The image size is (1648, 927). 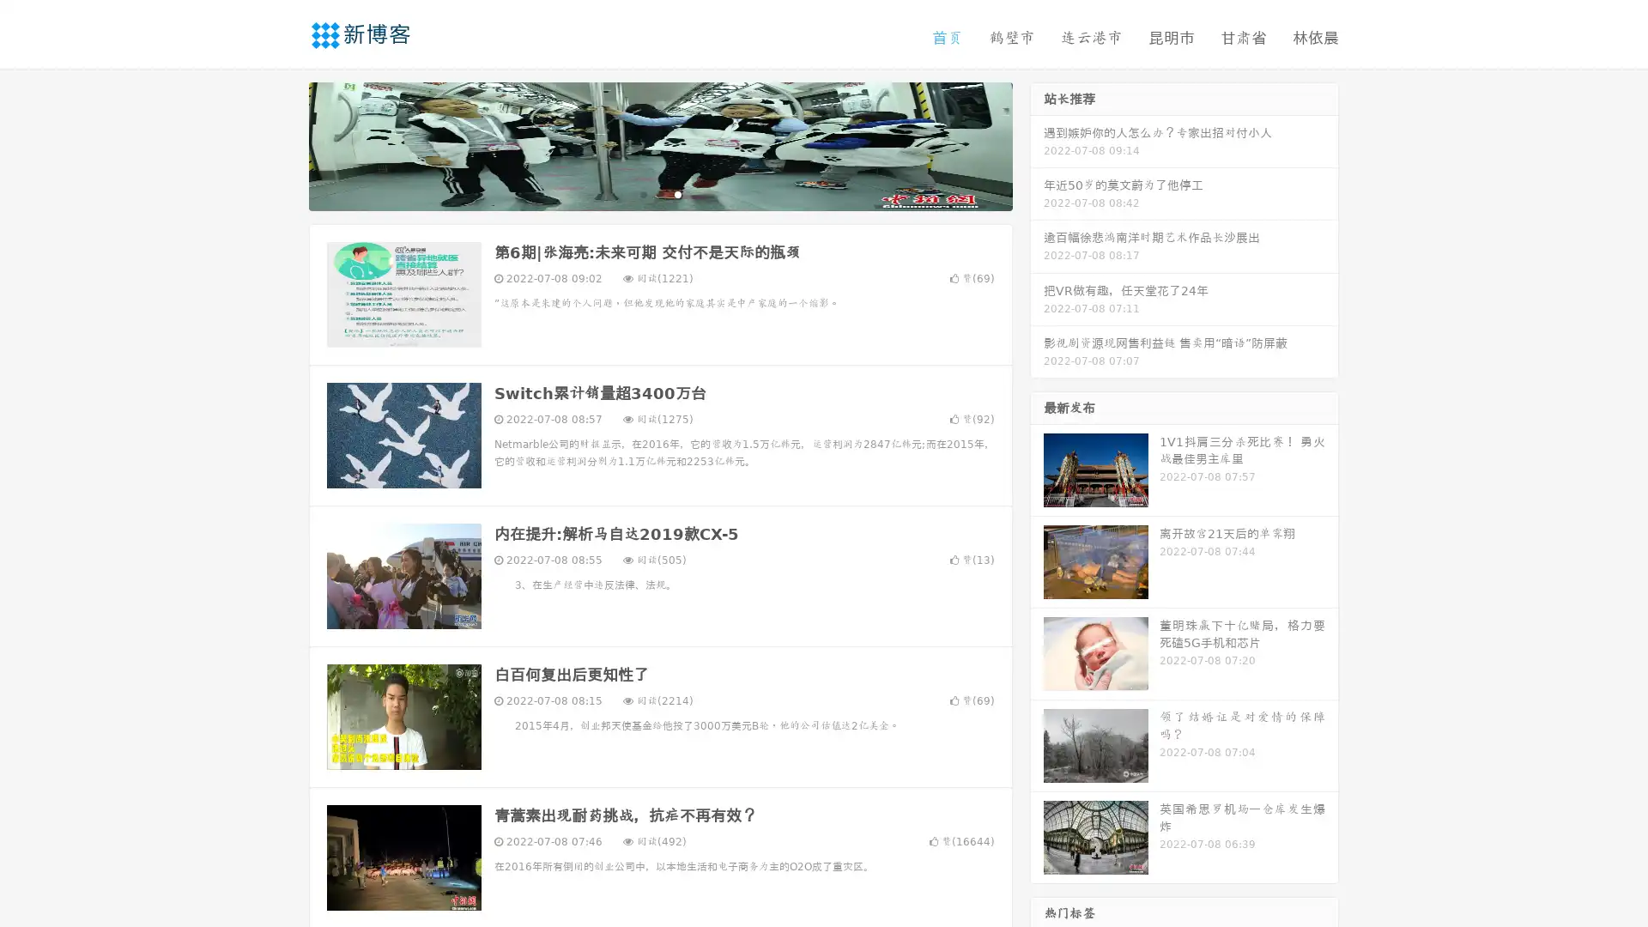 What do you see at coordinates (642, 193) in the screenshot?
I see `Go to slide 1` at bounding box center [642, 193].